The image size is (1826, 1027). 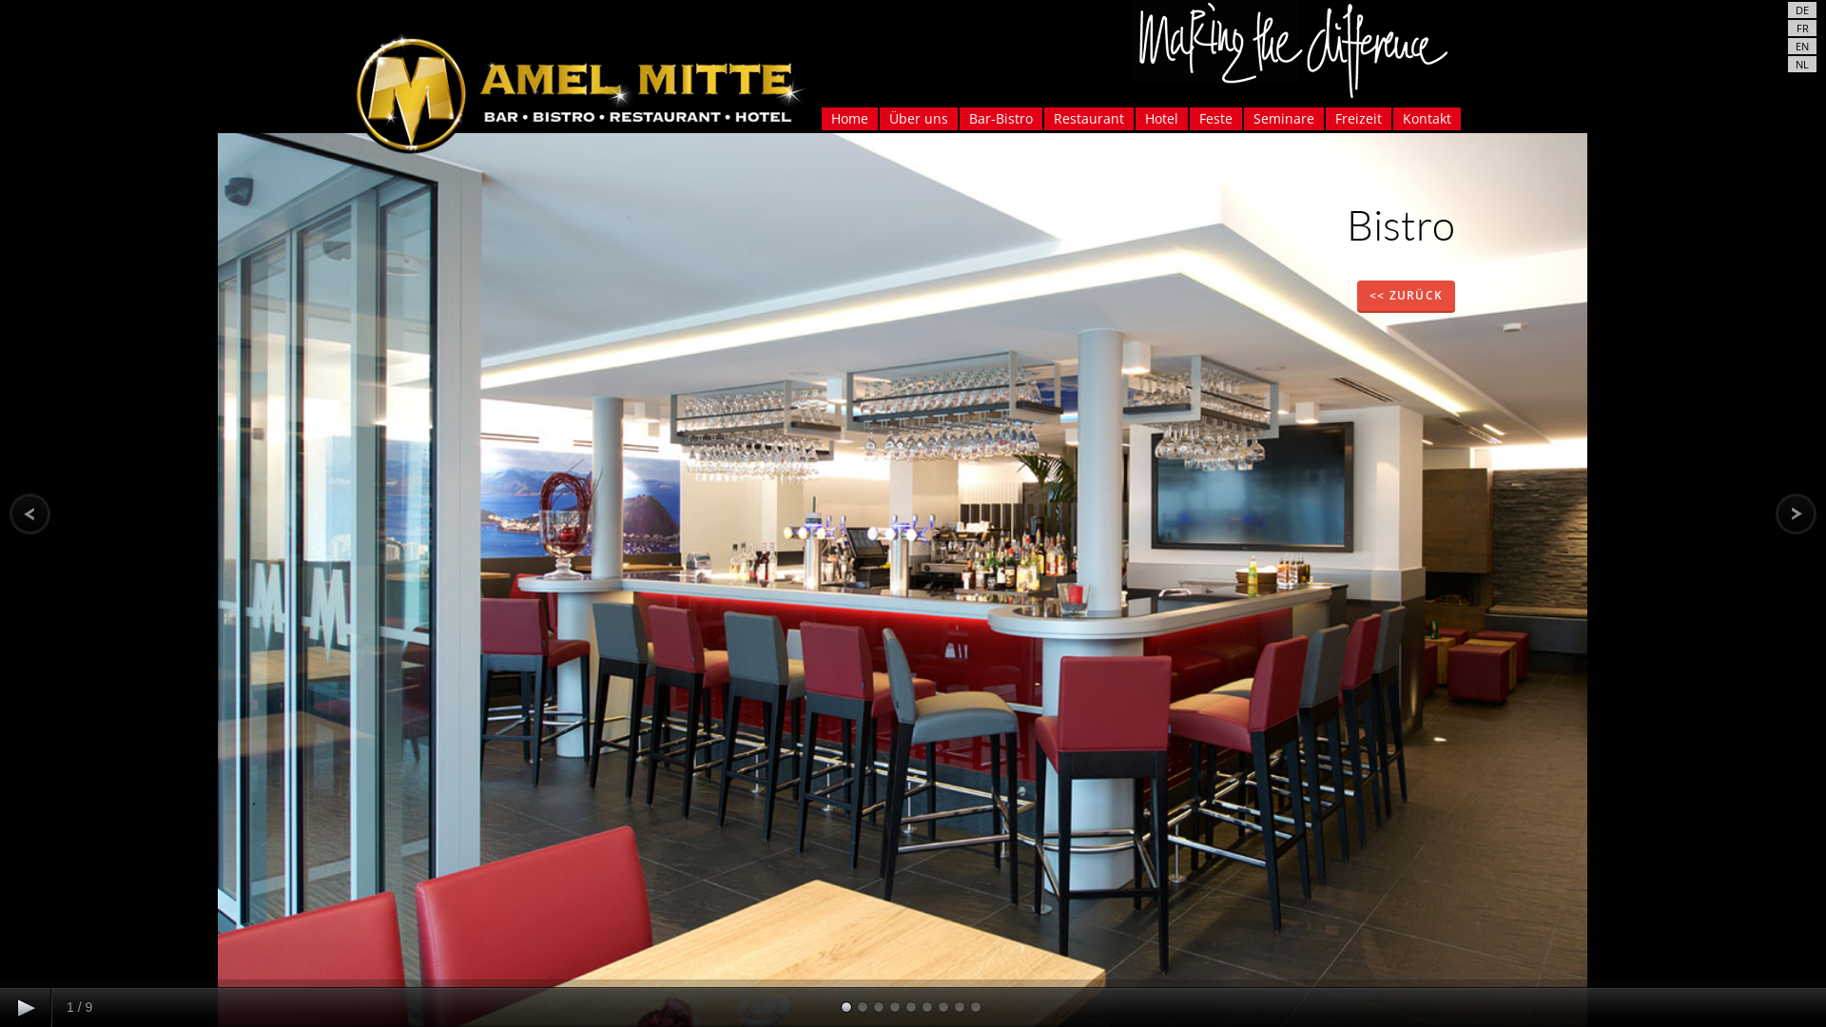 I want to click on 'NL', so click(x=1801, y=63).